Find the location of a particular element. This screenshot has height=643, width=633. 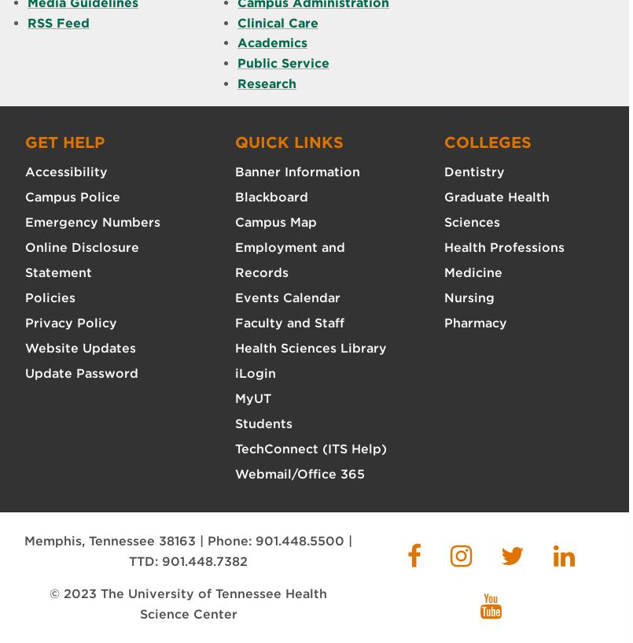

'Medicine' is located at coordinates (443, 272).